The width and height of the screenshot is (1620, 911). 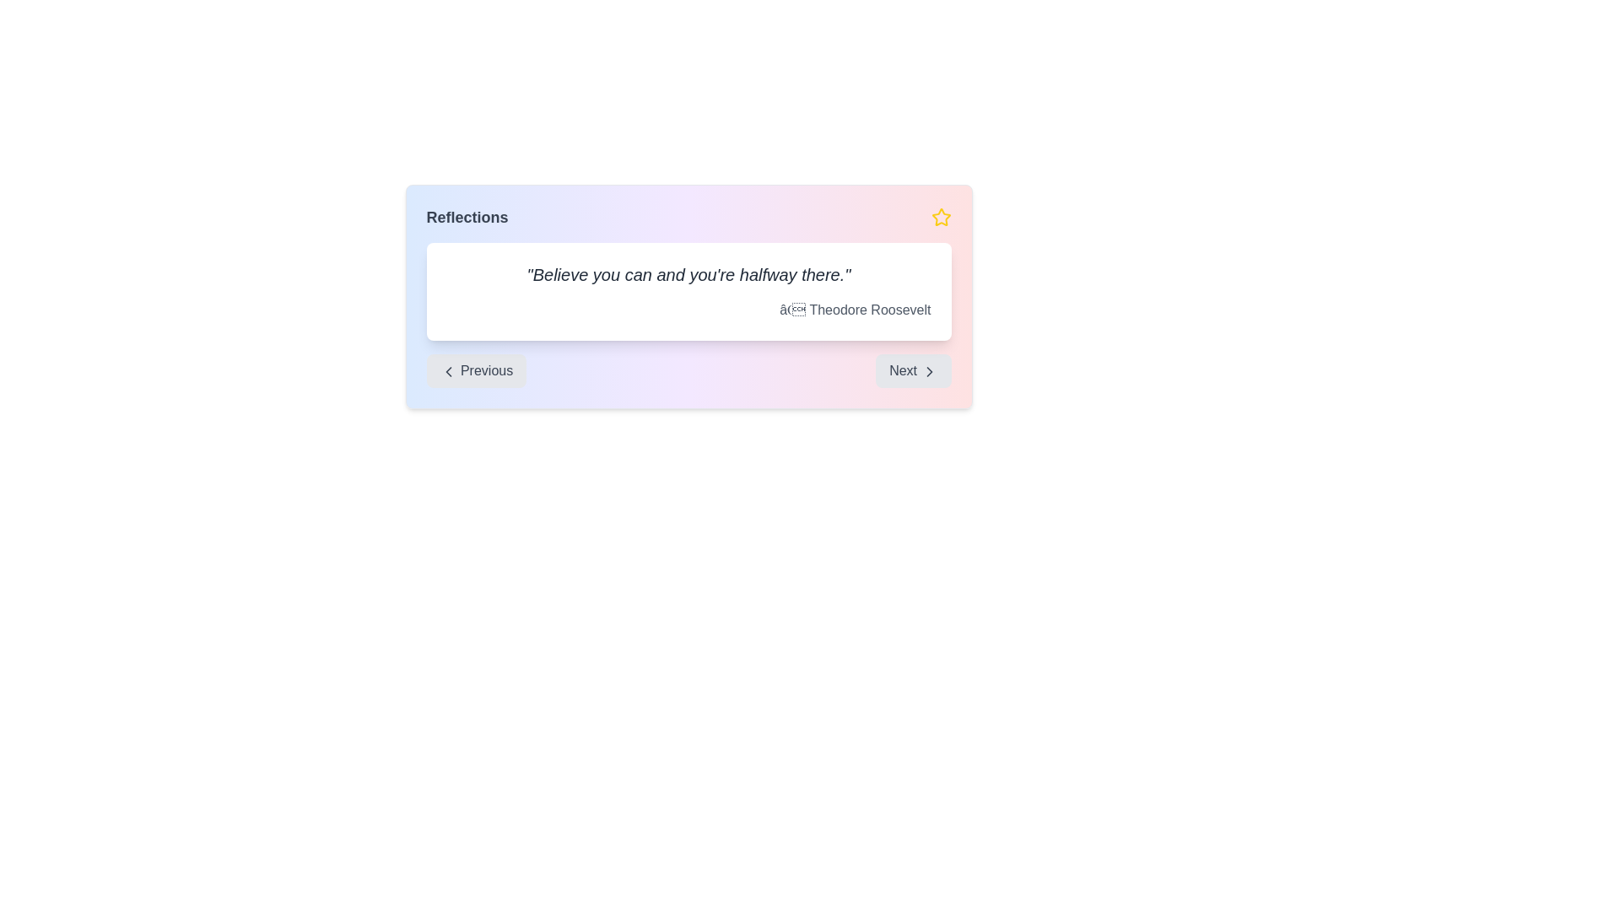 What do you see at coordinates (448, 370) in the screenshot?
I see `the left navigation chevron arrow icon located in the navigation bar of the card-like component` at bounding box center [448, 370].